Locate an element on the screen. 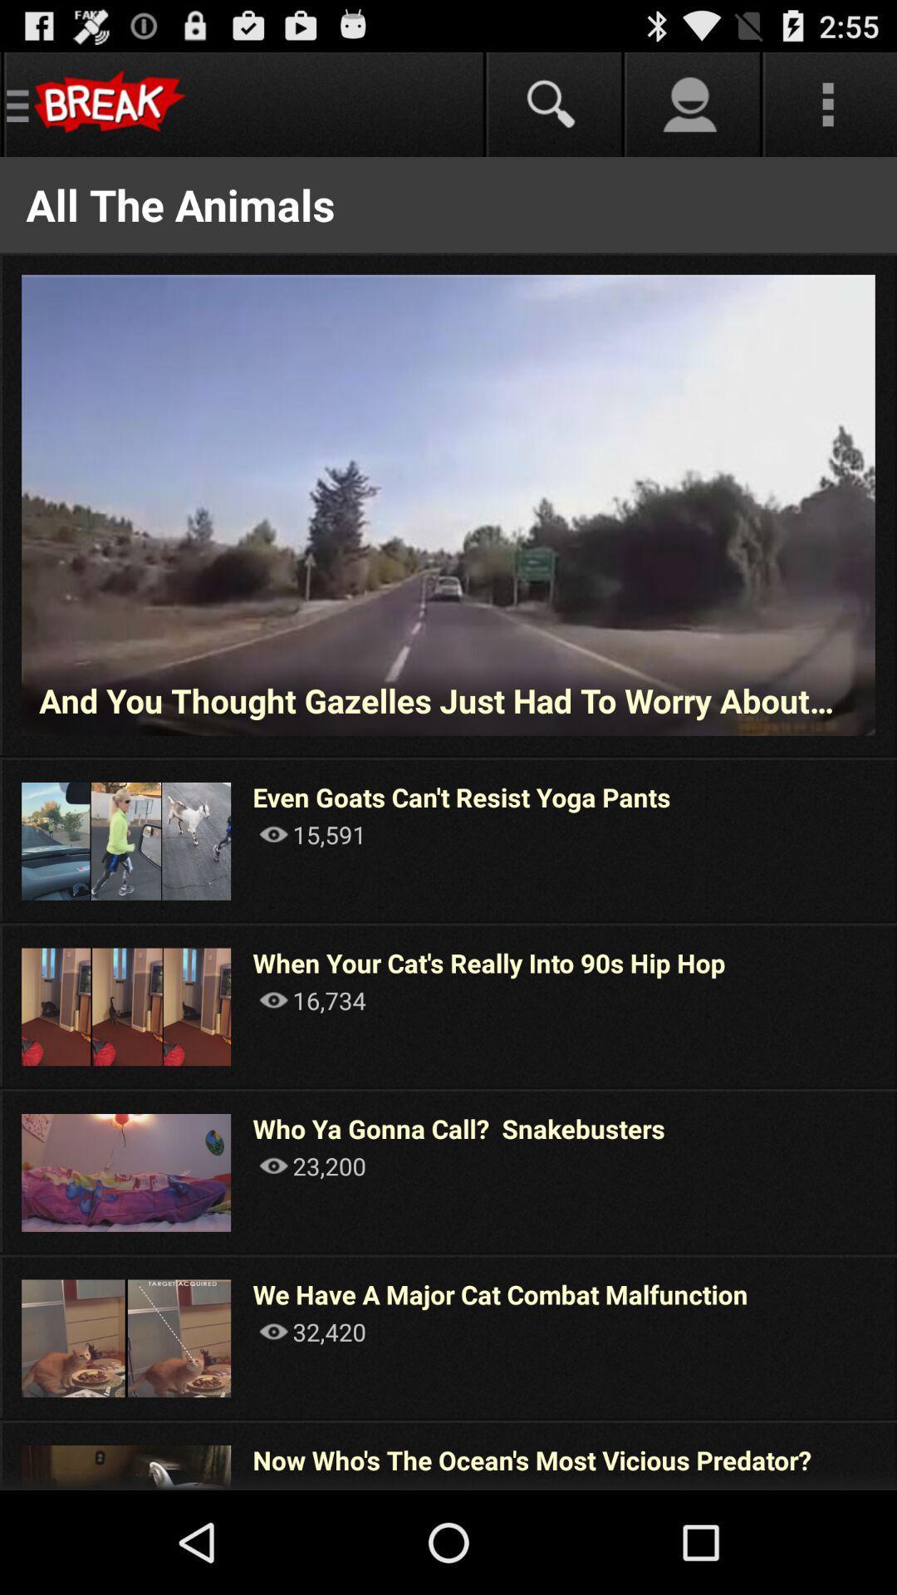  the app to the right of the when your cat item is located at coordinates (895, 1005).